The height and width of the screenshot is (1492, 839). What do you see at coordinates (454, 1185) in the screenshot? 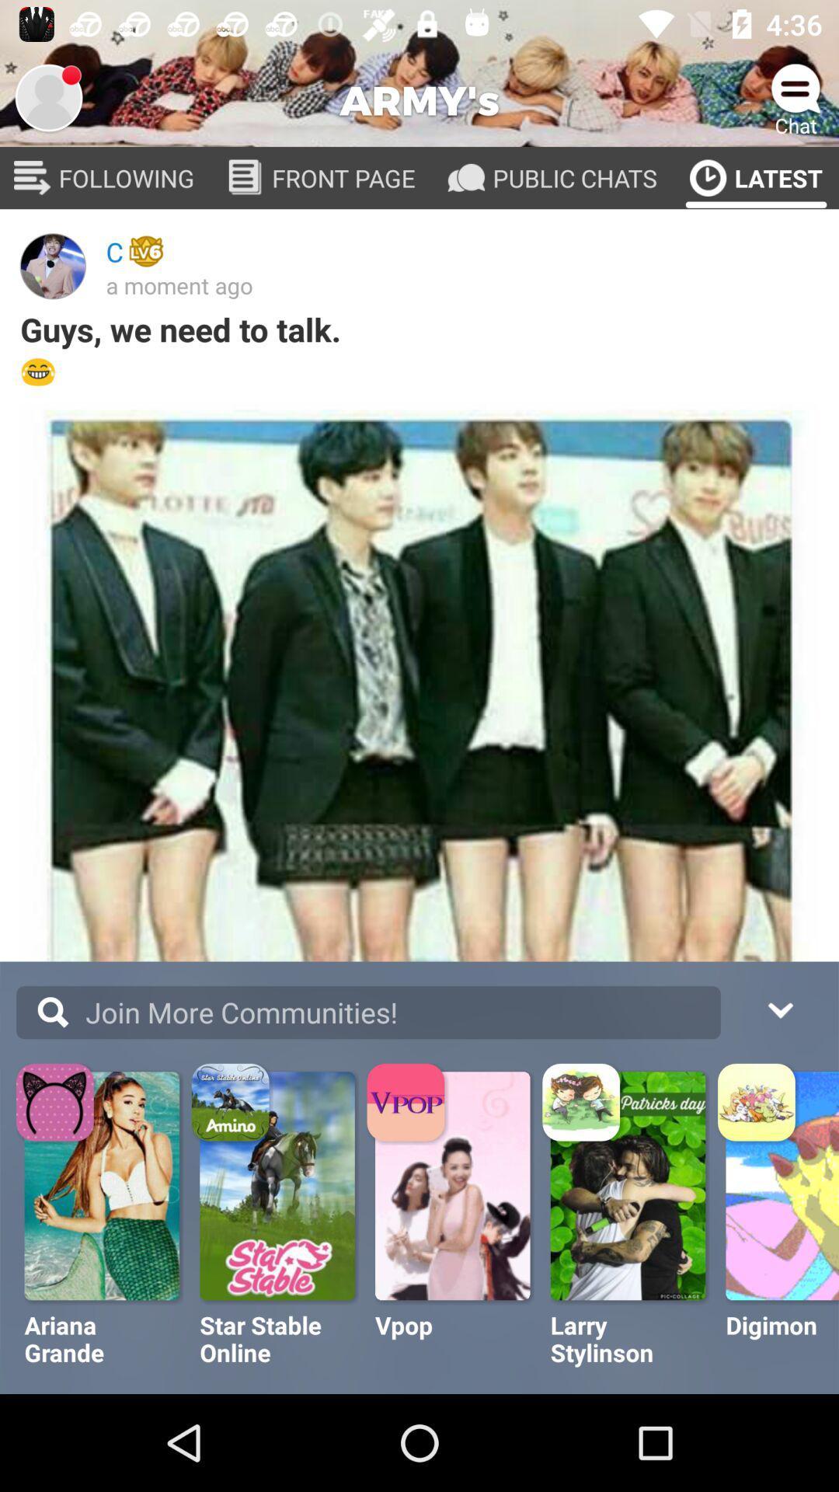
I see `the v pop picture` at bounding box center [454, 1185].